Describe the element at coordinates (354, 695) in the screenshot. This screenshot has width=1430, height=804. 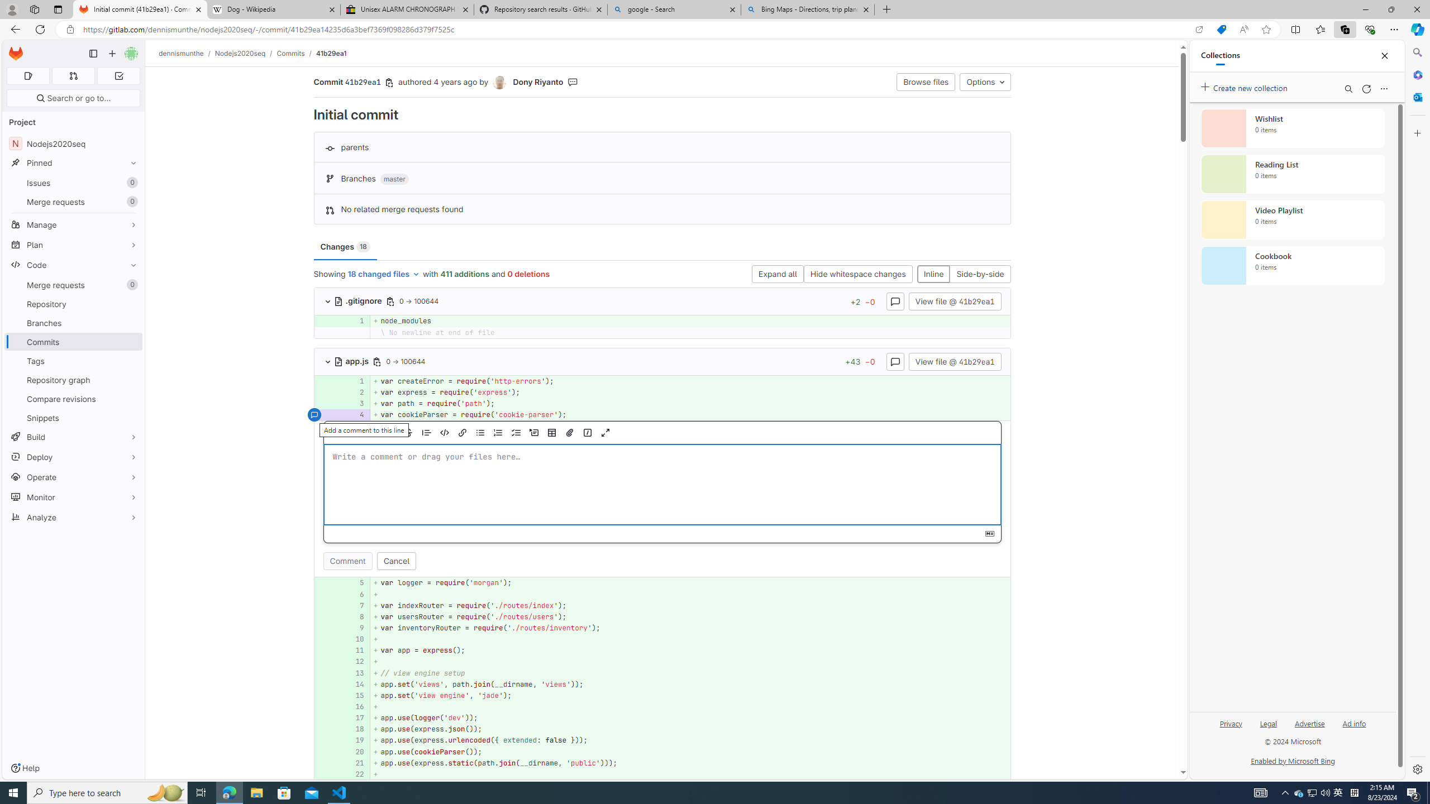
I see `'15'` at that location.